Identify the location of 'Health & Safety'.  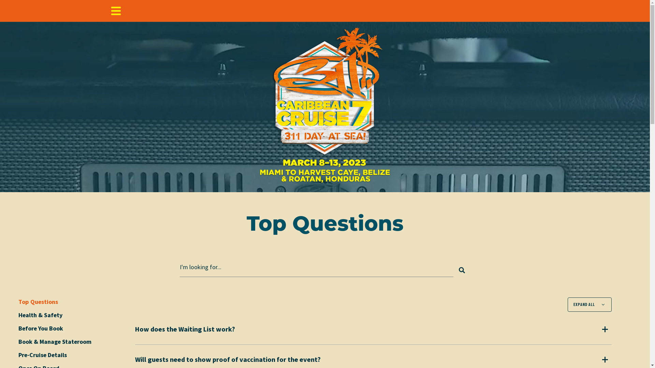
(40, 315).